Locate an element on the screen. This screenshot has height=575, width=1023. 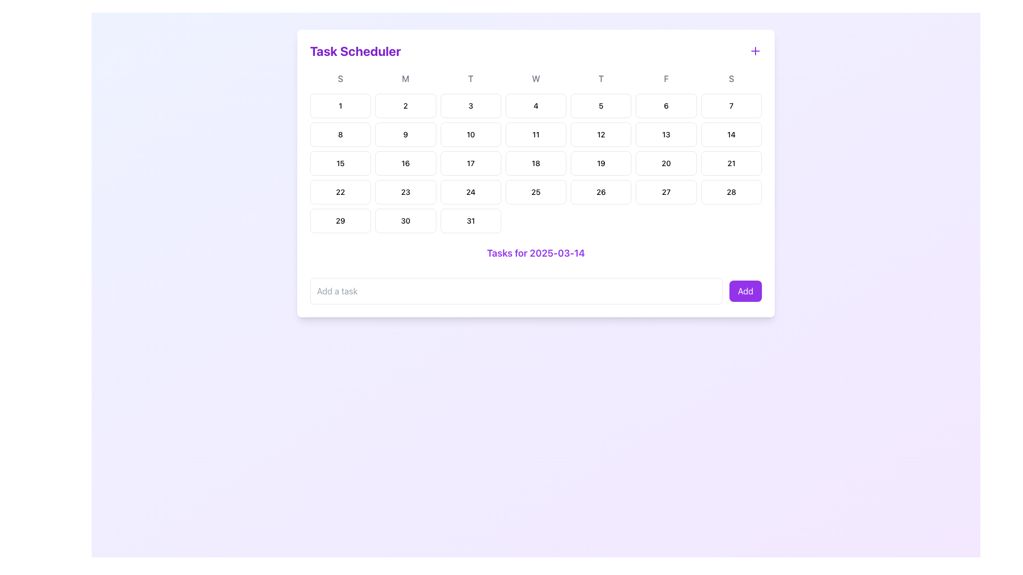
the square button displaying the number '21' in the calendar view is located at coordinates (730, 163).